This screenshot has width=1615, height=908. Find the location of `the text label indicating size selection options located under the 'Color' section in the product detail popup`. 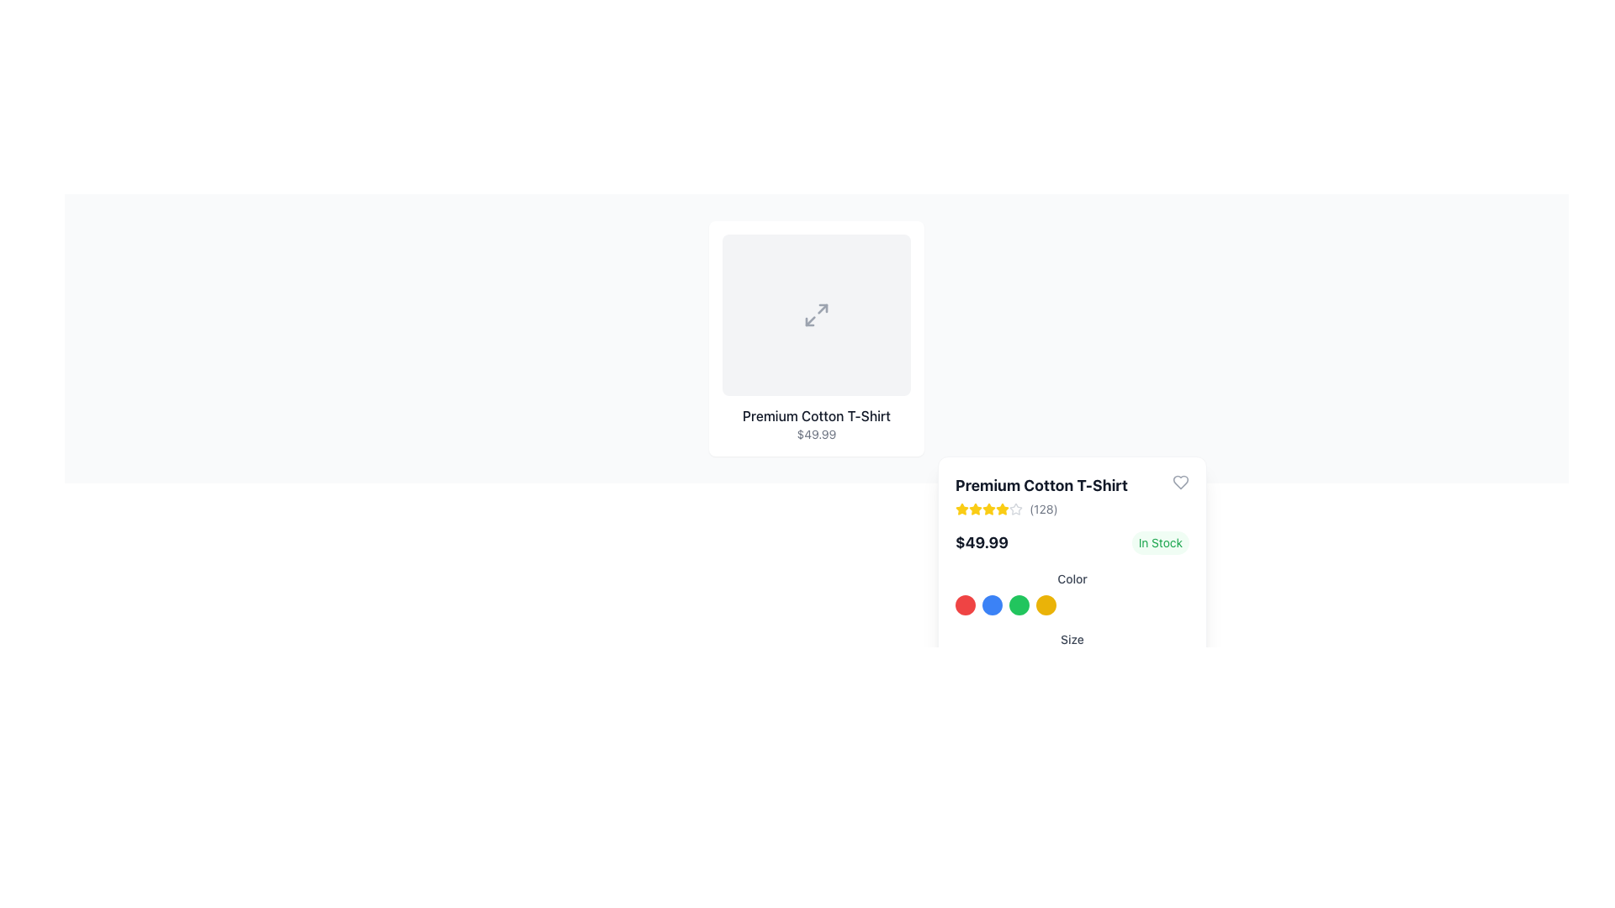

the text label indicating size selection options located under the 'Color' section in the product detail popup is located at coordinates (1072, 643).